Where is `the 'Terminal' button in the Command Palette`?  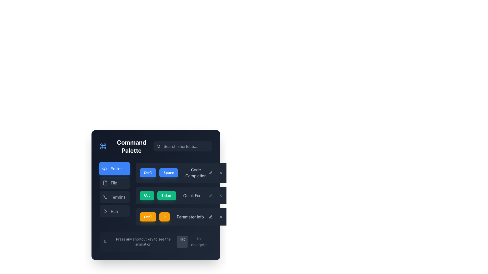
the 'Terminal' button in the Command Palette is located at coordinates (114, 194).